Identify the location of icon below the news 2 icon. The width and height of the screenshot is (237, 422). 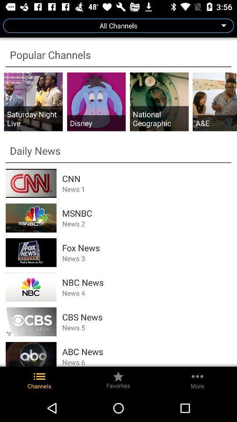
(147, 247).